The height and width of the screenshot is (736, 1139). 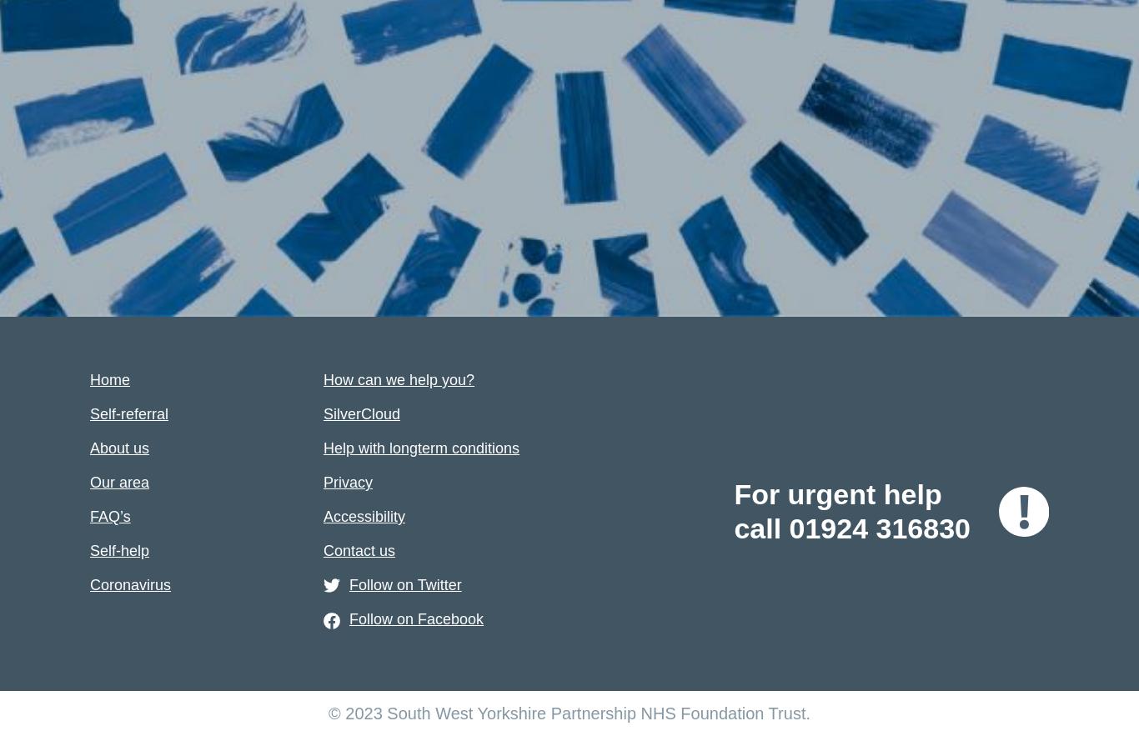 What do you see at coordinates (322, 550) in the screenshot?
I see `'Contact us'` at bounding box center [322, 550].